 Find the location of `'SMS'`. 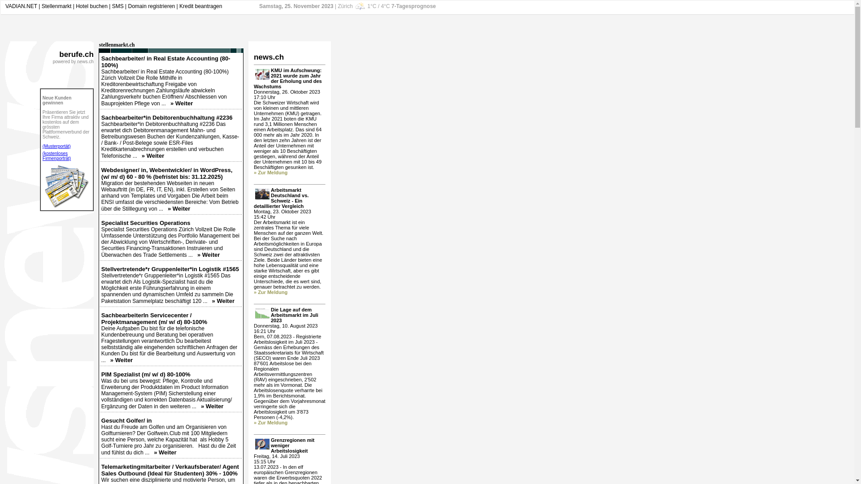

'SMS' is located at coordinates (117, 6).